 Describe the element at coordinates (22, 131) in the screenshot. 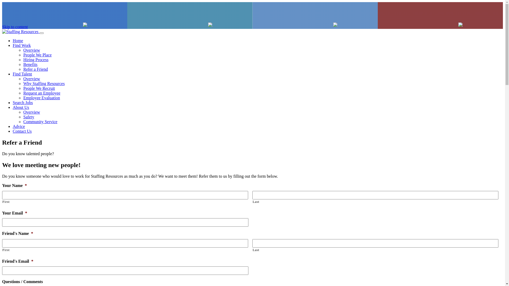

I see `'Contact Us'` at that location.